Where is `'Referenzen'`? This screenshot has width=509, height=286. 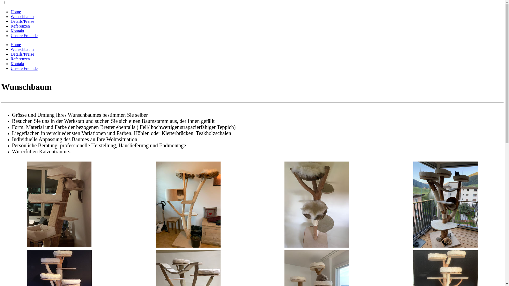
'Referenzen' is located at coordinates (20, 59).